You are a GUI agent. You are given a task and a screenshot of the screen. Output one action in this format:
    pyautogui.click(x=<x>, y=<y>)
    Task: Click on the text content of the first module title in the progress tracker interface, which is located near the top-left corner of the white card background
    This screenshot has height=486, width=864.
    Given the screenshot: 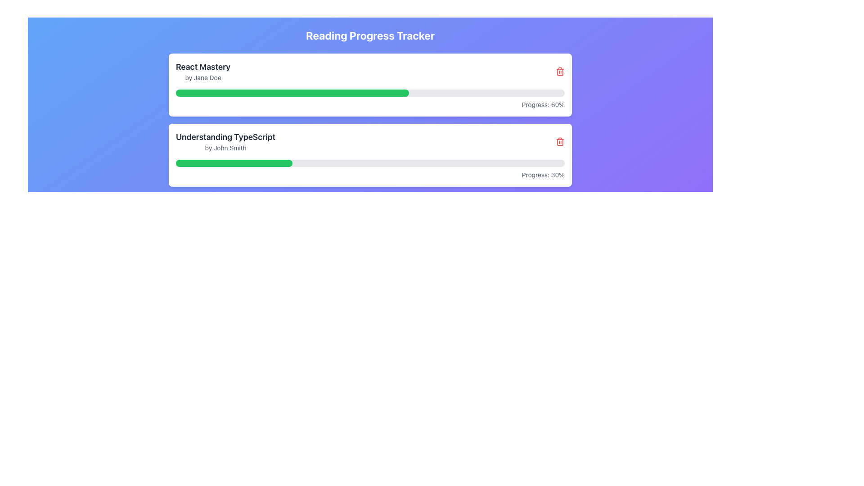 What is the action you would take?
    pyautogui.click(x=202, y=71)
    